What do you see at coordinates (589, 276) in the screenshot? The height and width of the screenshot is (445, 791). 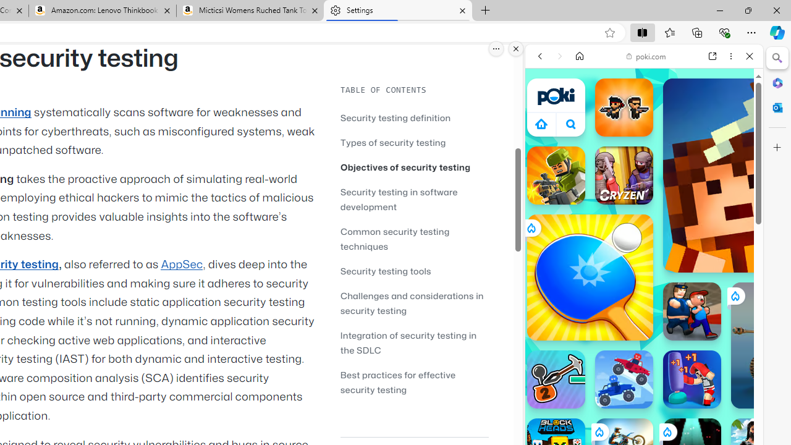 I see `'Ping Pong Go!'` at bounding box center [589, 276].